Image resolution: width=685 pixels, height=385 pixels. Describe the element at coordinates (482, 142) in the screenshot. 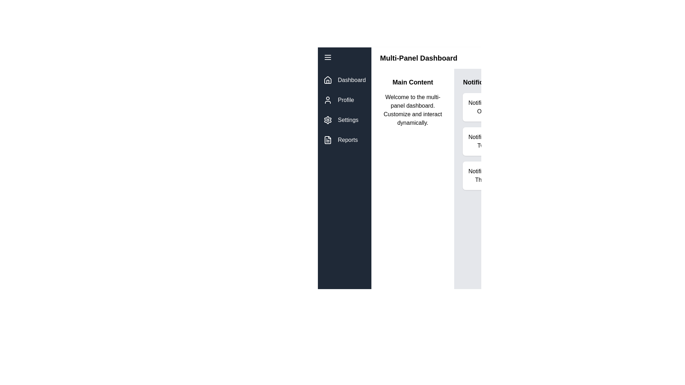

I see `the second notification card labeled 'Notification Two'` at that location.